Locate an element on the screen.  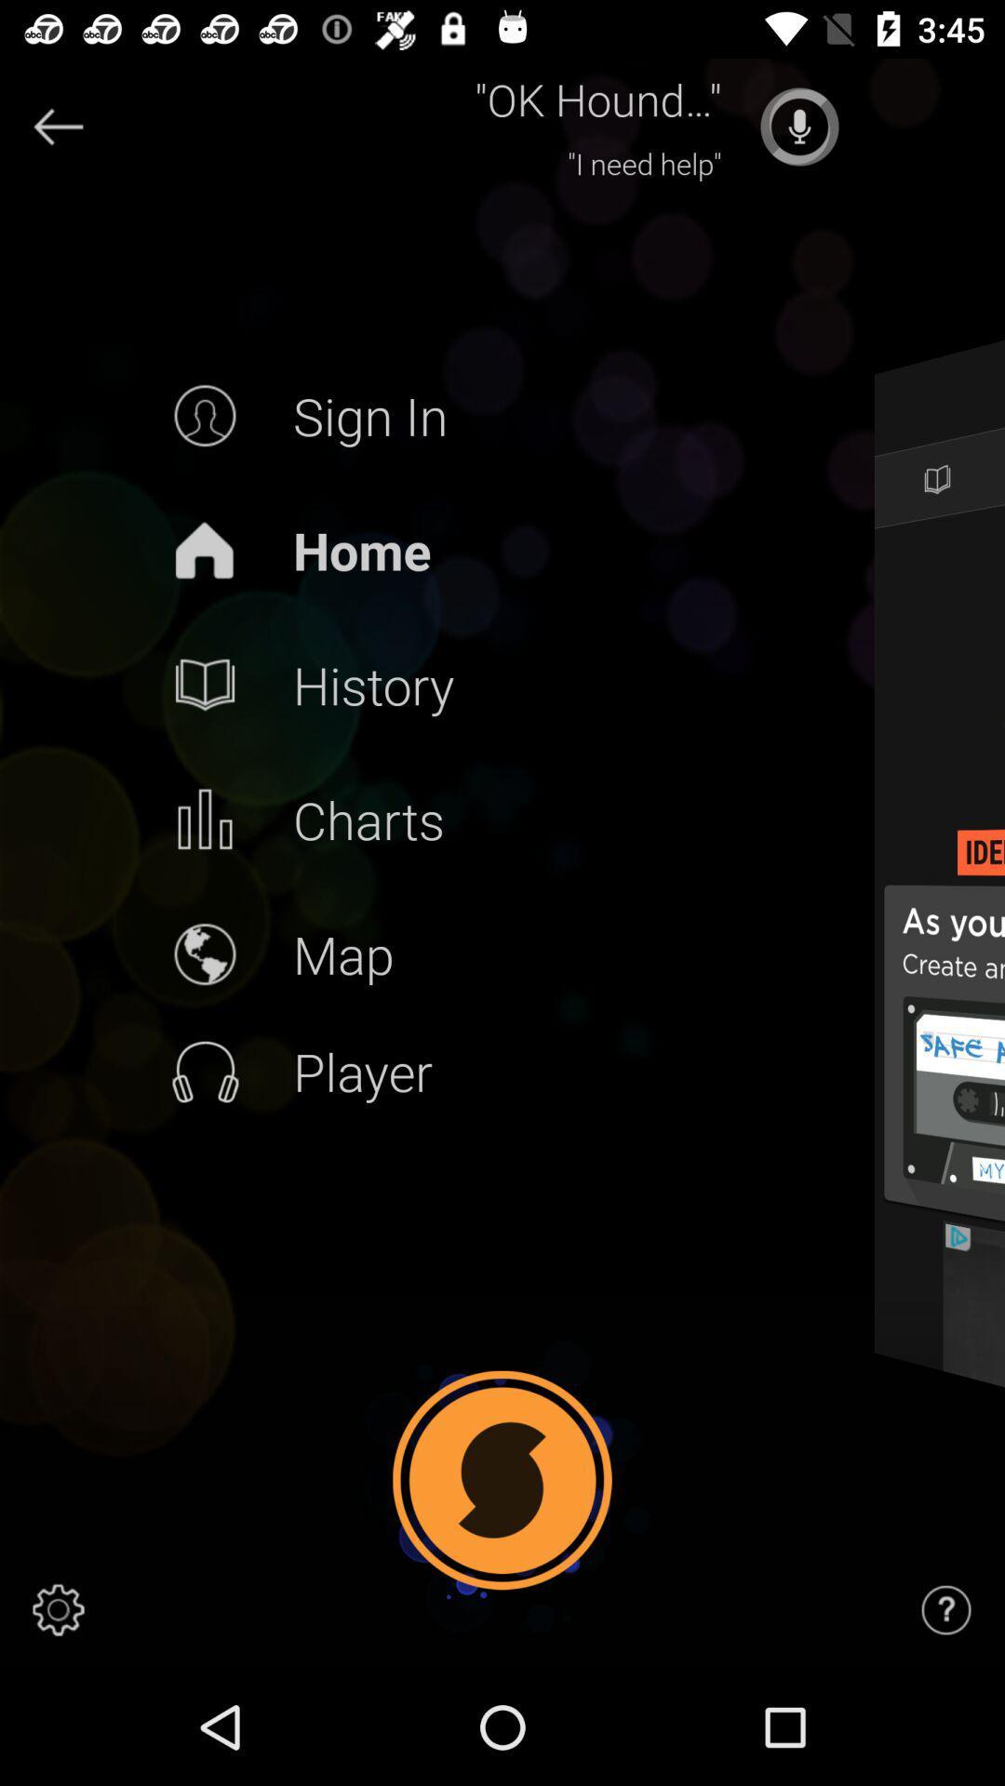
song is located at coordinates (798, 126).